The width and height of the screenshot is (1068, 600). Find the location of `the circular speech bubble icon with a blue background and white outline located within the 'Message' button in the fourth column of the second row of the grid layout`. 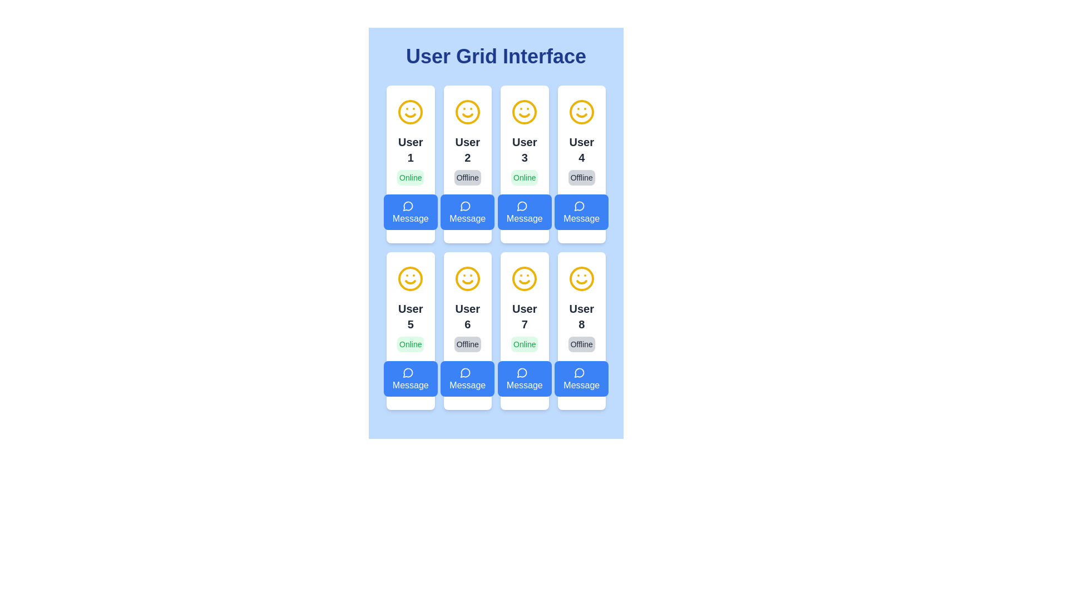

the circular speech bubble icon with a blue background and white outline located within the 'Message' button in the fourth column of the second row of the grid layout is located at coordinates (578, 372).